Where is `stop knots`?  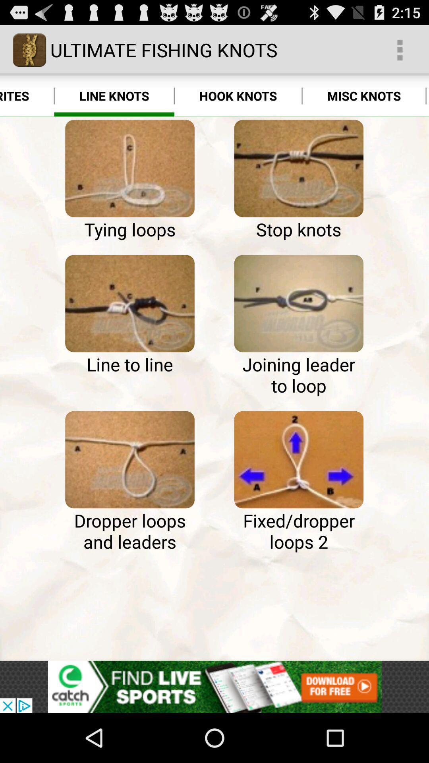 stop knots is located at coordinates (299, 168).